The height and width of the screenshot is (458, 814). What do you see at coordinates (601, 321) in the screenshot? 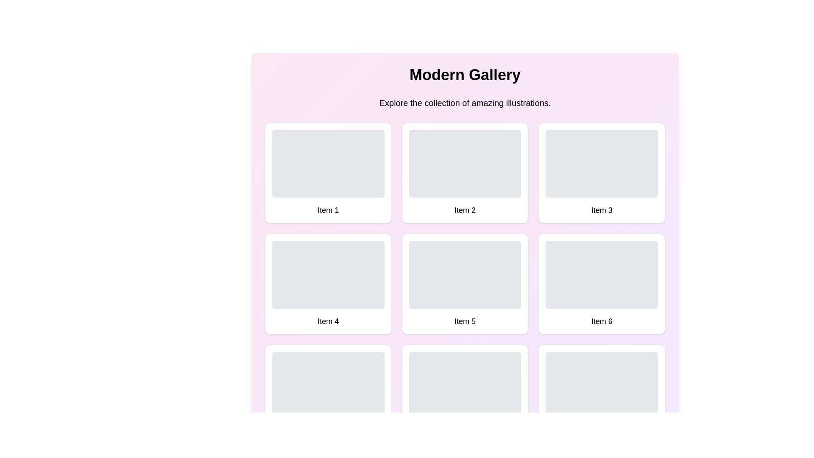
I see `the text label reading 'Item 6', which is centrally aligned at the bottom of a rectangular area containing an image placeholder above it` at bounding box center [601, 321].